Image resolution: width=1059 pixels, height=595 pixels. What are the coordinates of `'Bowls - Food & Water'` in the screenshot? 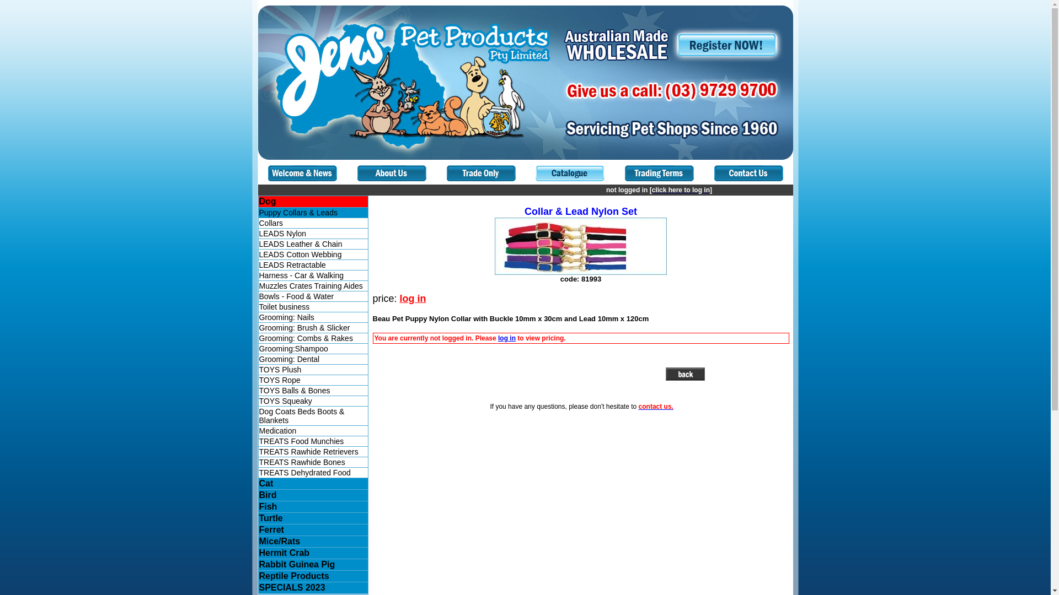 It's located at (312, 295).